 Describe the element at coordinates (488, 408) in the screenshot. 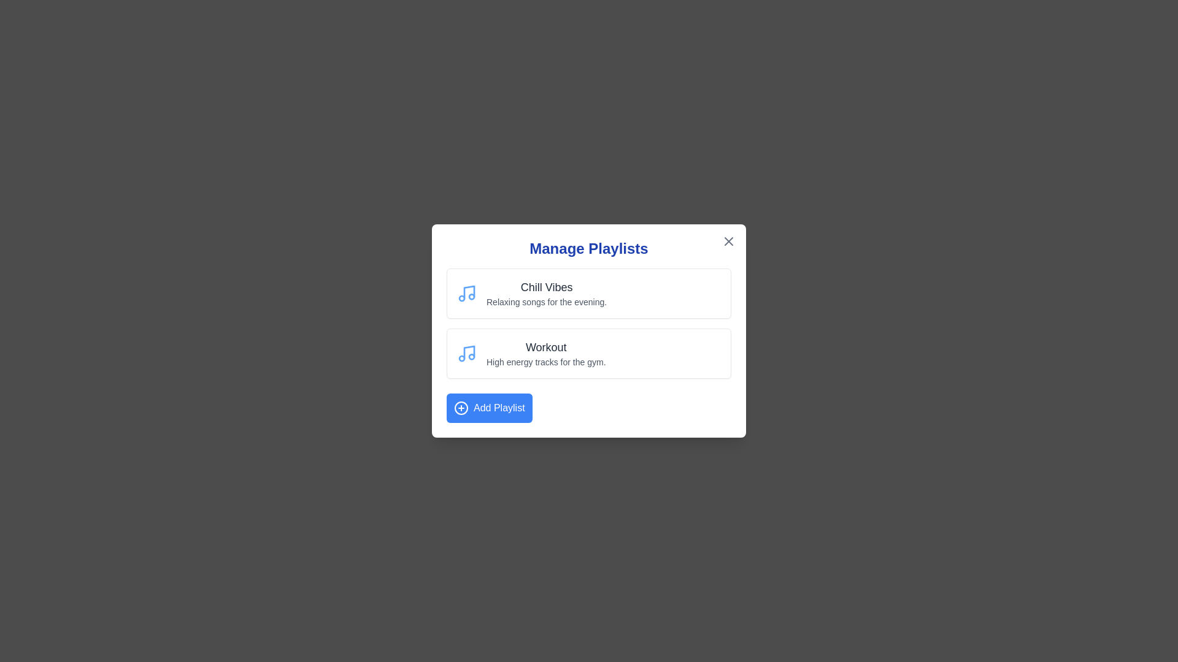

I see `the 'Add Playlist' button, which is a rectangular button with rounded corners, blue background, and white text located at the bottom of the 'Manage Playlists' panel` at that location.